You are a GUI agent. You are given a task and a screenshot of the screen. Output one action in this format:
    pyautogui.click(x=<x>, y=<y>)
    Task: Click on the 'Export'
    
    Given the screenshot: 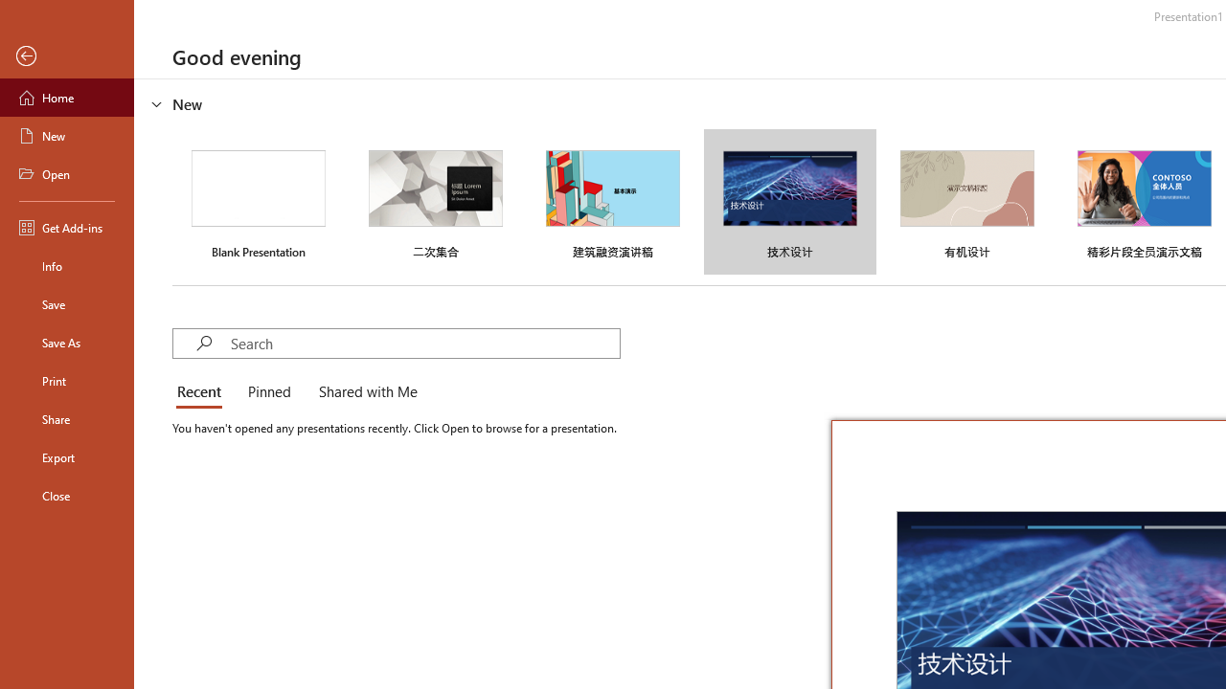 What is the action you would take?
    pyautogui.click(x=66, y=457)
    